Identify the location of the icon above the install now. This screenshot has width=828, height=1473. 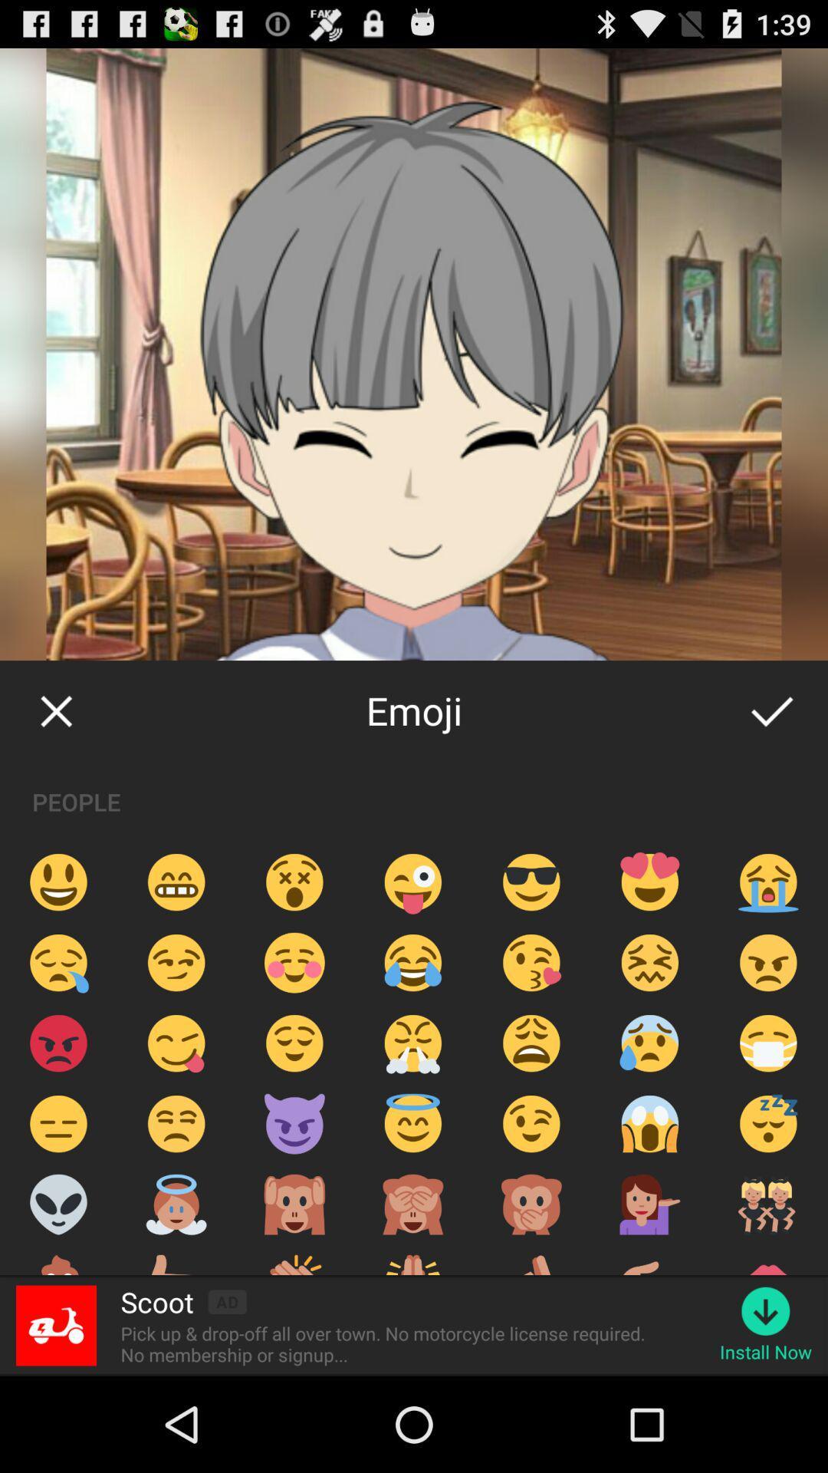
(766, 1310).